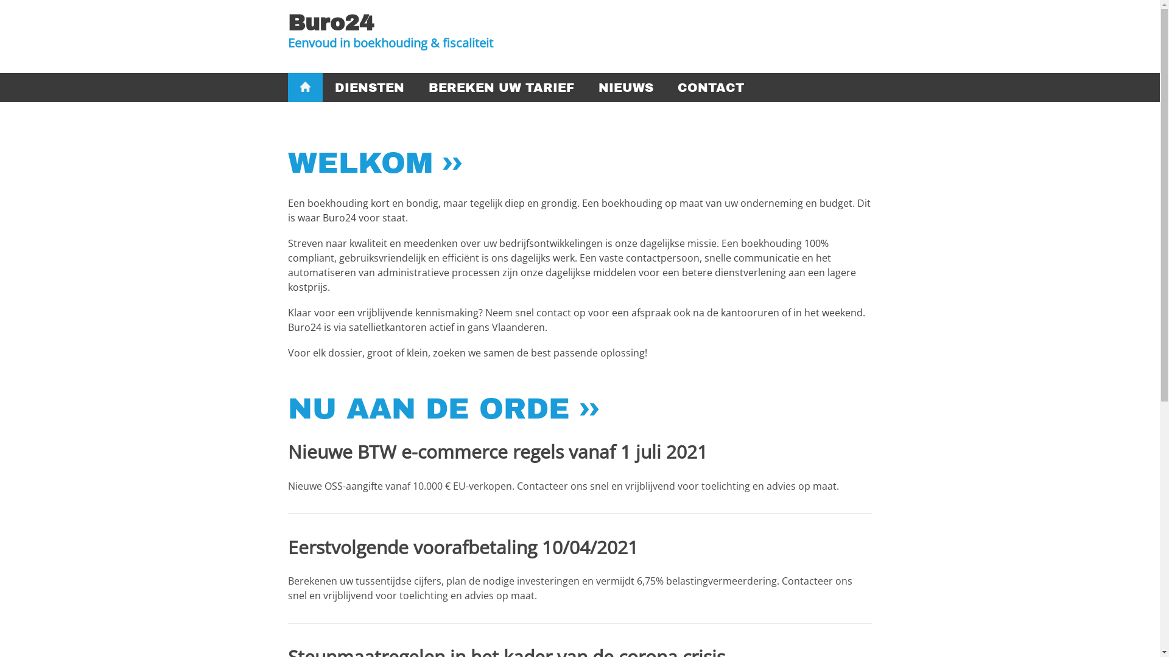 The image size is (1169, 657). What do you see at coordinates (625, 86) in the screenshot?
I see `'NIEUWS'` at bounding box center [625, 86].